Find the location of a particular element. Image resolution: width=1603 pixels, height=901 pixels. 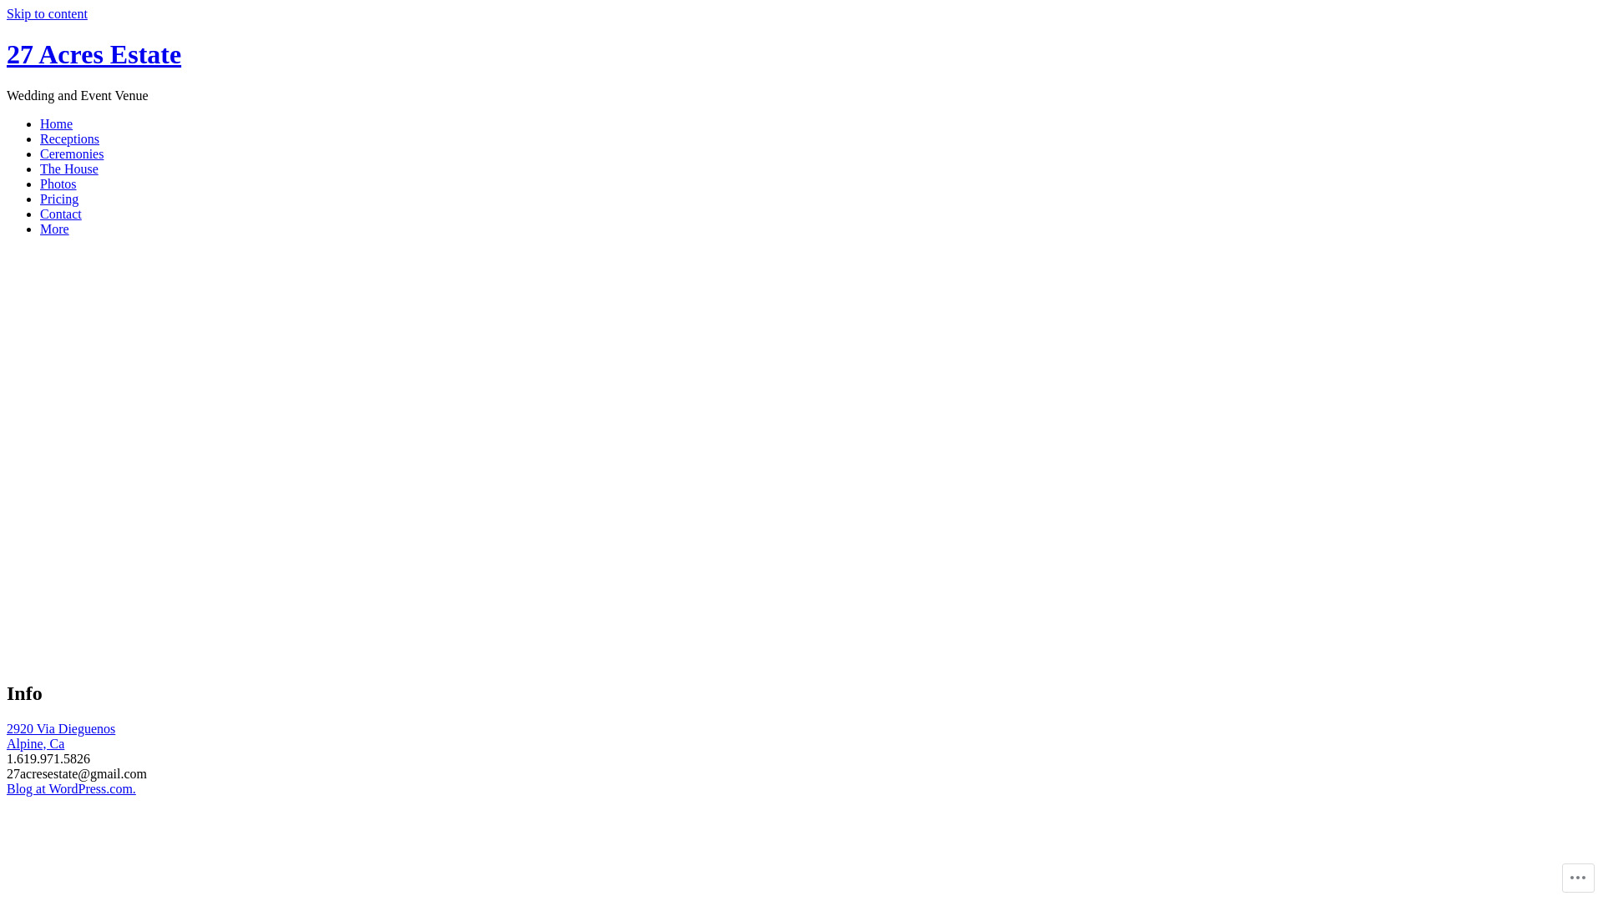

'More' is located at coordinates (54, 229).